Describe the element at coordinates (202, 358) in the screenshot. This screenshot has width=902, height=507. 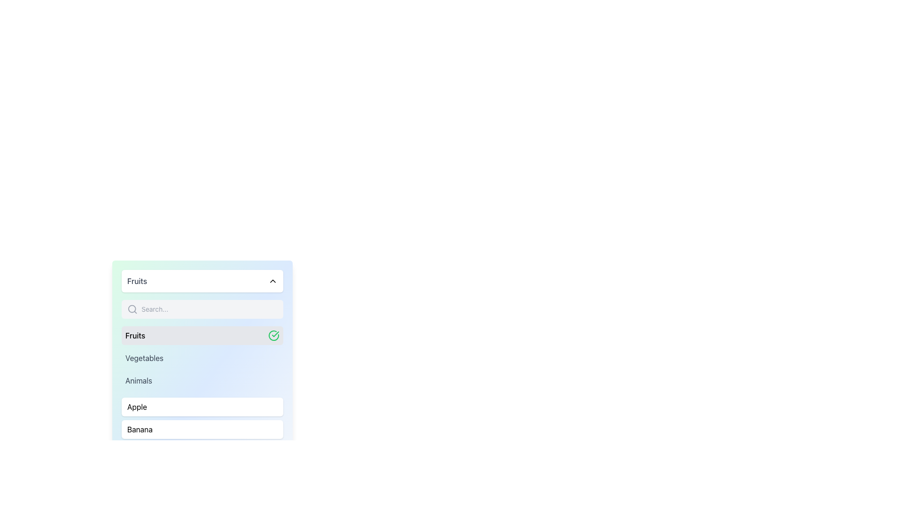
I see `the 'Vegetables' list item, which is the second item in the list` at that location.